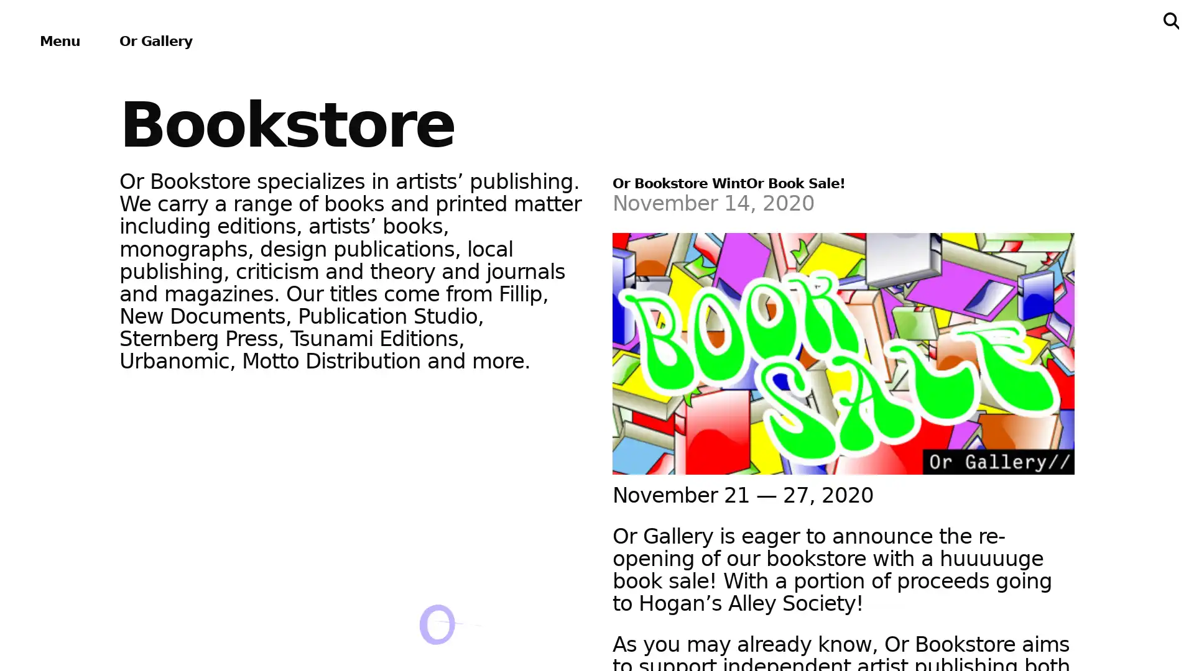 The image size is (1194, 671). I want to click on Exhibitions & Projects, so click(270, 122).